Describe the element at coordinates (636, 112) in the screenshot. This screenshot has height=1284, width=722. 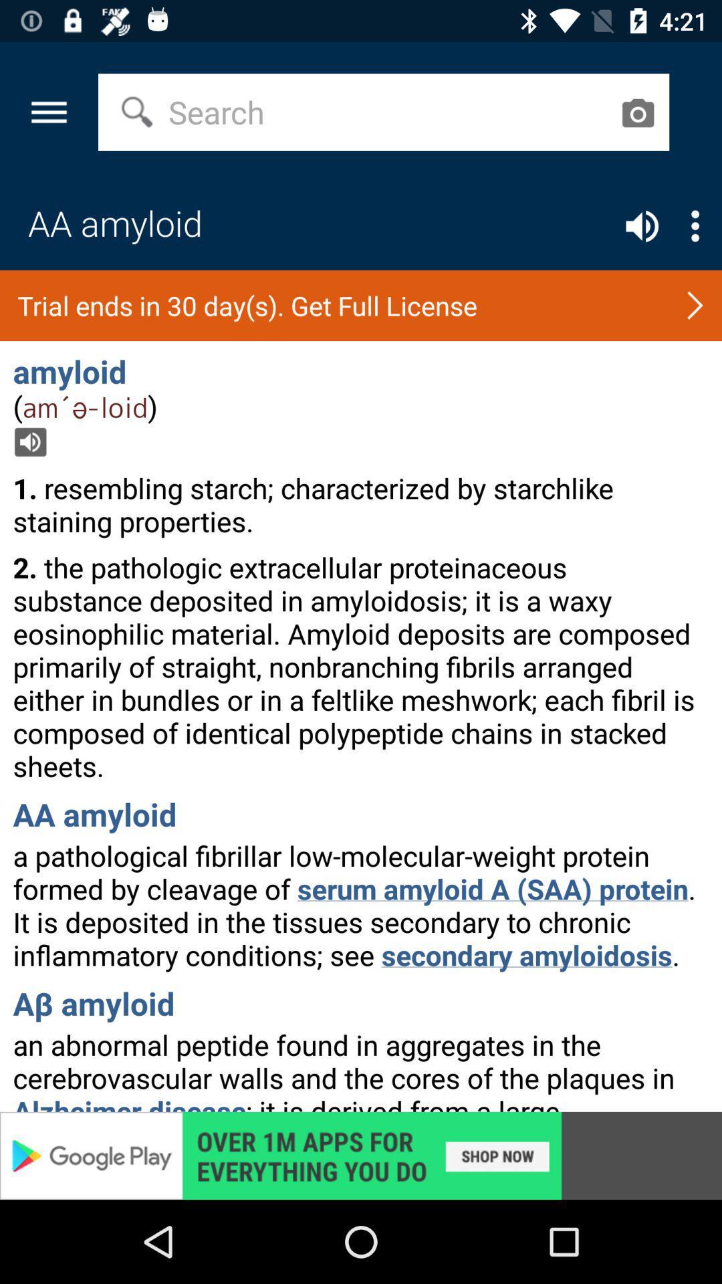
I see `open camera` at that location.